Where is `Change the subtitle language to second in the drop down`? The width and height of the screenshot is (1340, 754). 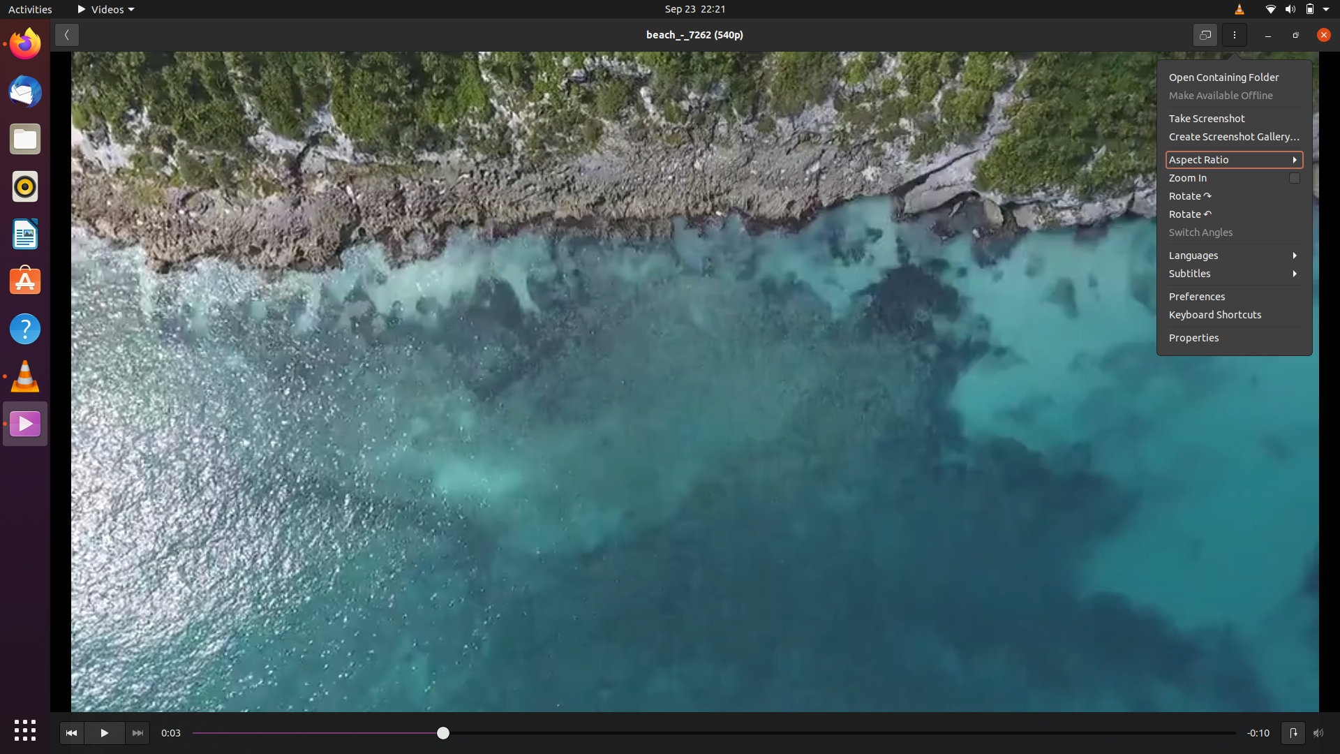
Change the subtitle language to second in the drop down is located at coordinates (1236, 273).